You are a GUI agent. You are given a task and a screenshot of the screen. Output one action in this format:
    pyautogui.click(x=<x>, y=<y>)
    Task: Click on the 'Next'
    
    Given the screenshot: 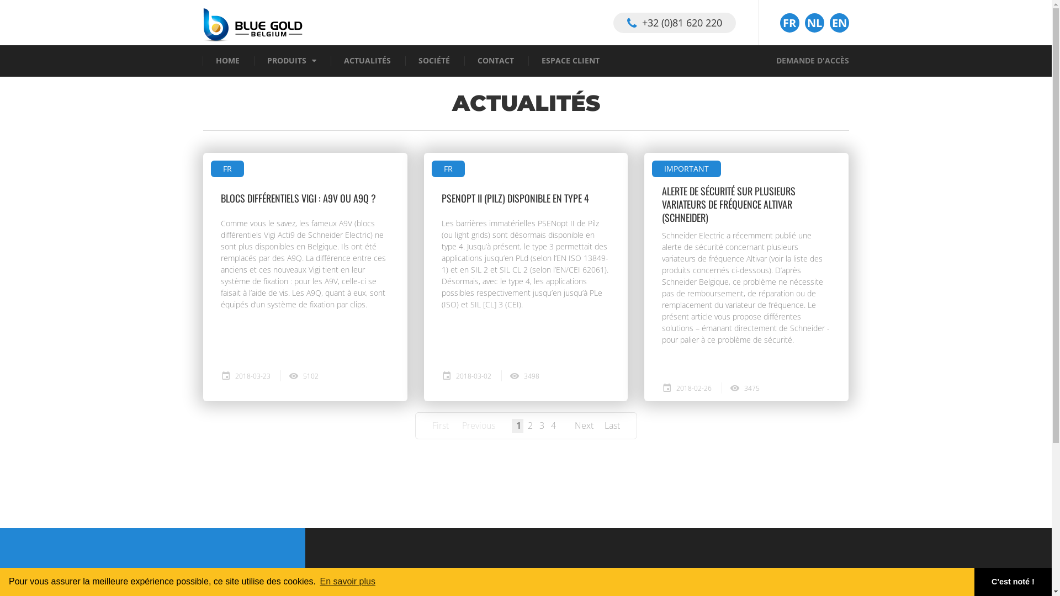 What is the action you would take?
    pyautogui.click(x=574, y=425)
    